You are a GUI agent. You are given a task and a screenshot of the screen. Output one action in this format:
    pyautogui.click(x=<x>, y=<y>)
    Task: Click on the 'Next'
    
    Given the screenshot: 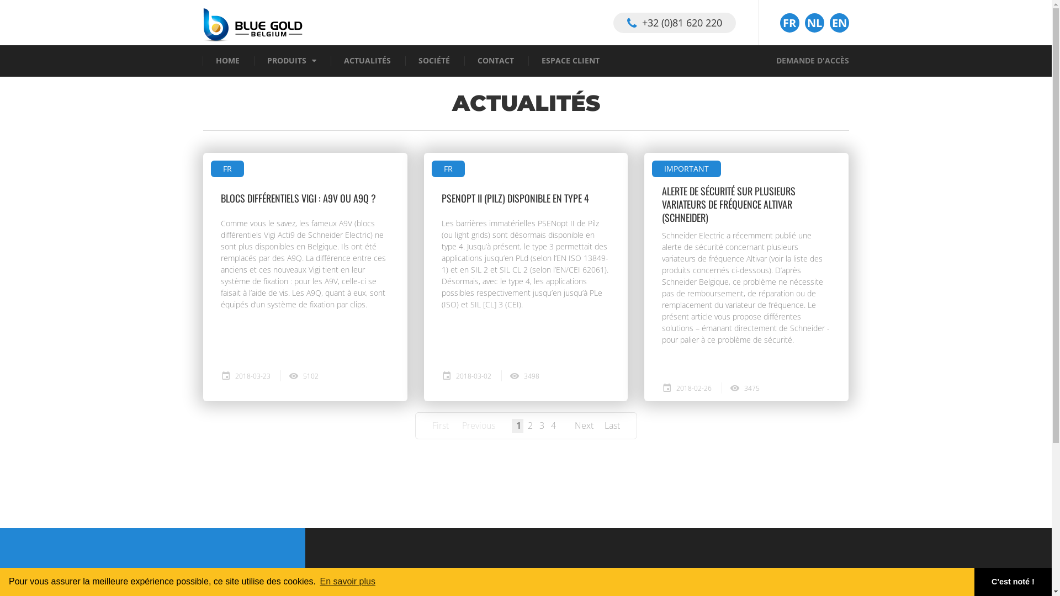 What is the action you would take?
    pyautogui.click(x=574, y=425)
    